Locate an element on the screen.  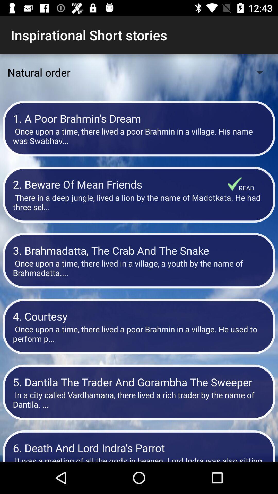
icon below in a city icon is located at coordinates (139, 447).